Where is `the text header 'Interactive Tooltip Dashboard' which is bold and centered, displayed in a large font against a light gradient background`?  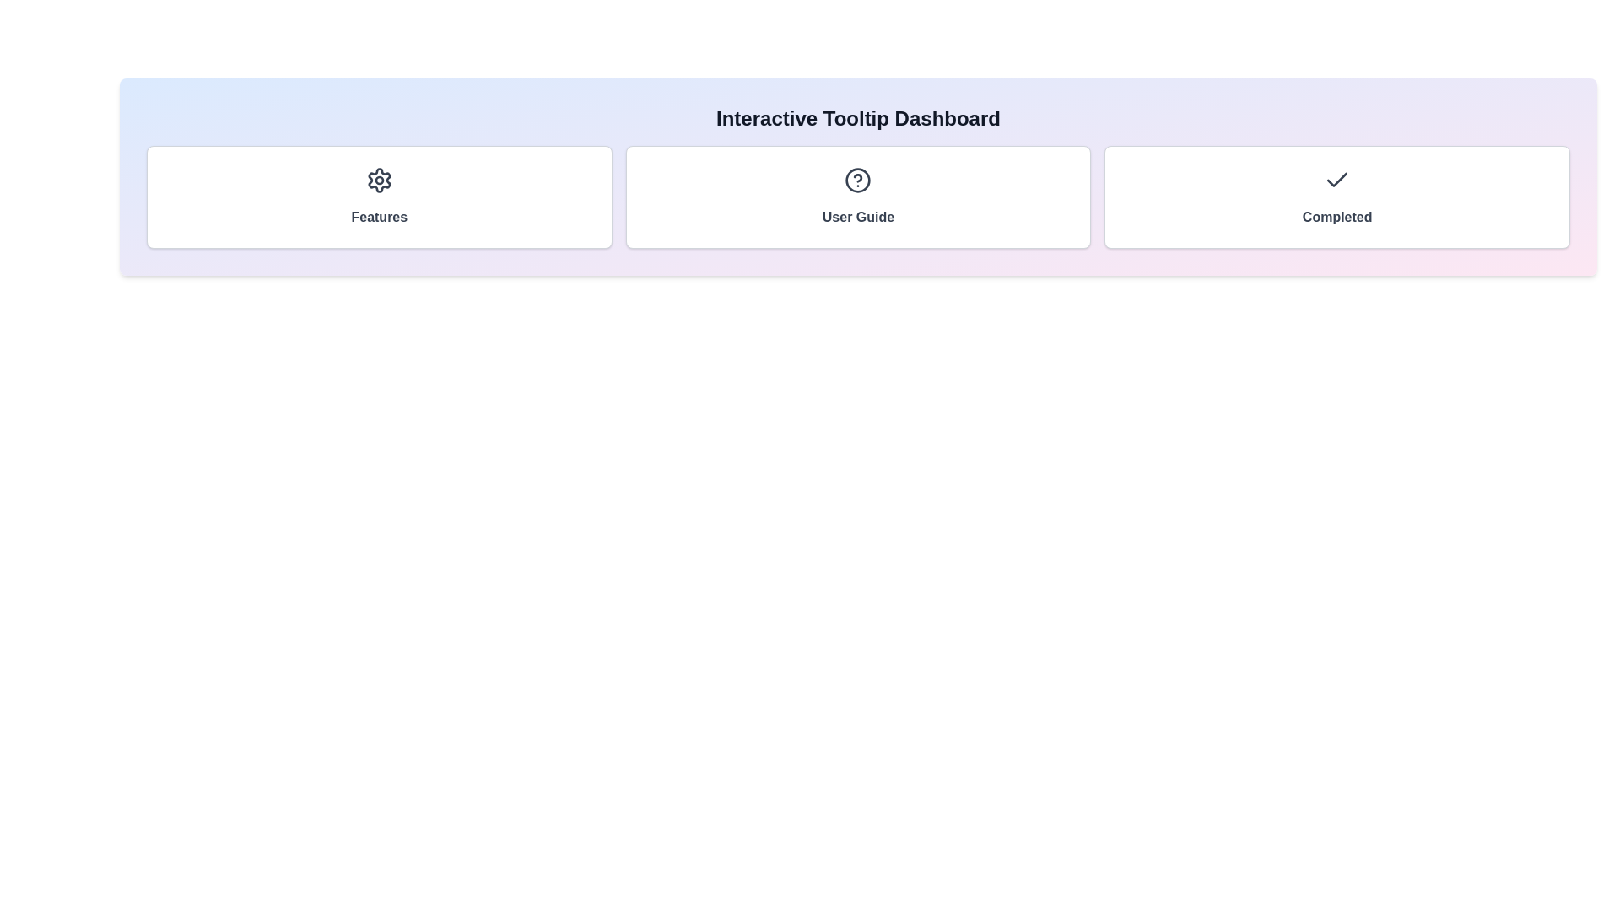 the text header 'Interactive Tooltip Dashboard' which is bold and centered, displayed in a large font against a light gradient background is located at coordinates (858, 118).